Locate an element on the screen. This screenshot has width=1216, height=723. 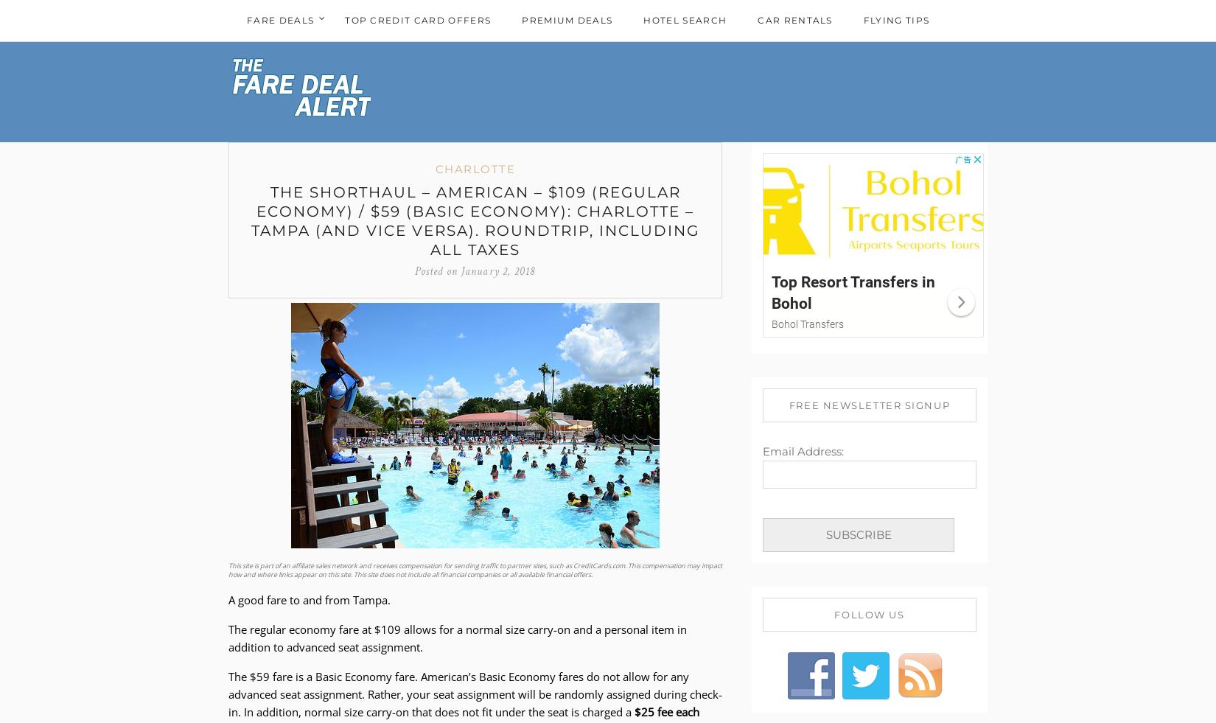
'Posted on' is located at coordinates (437, 270).